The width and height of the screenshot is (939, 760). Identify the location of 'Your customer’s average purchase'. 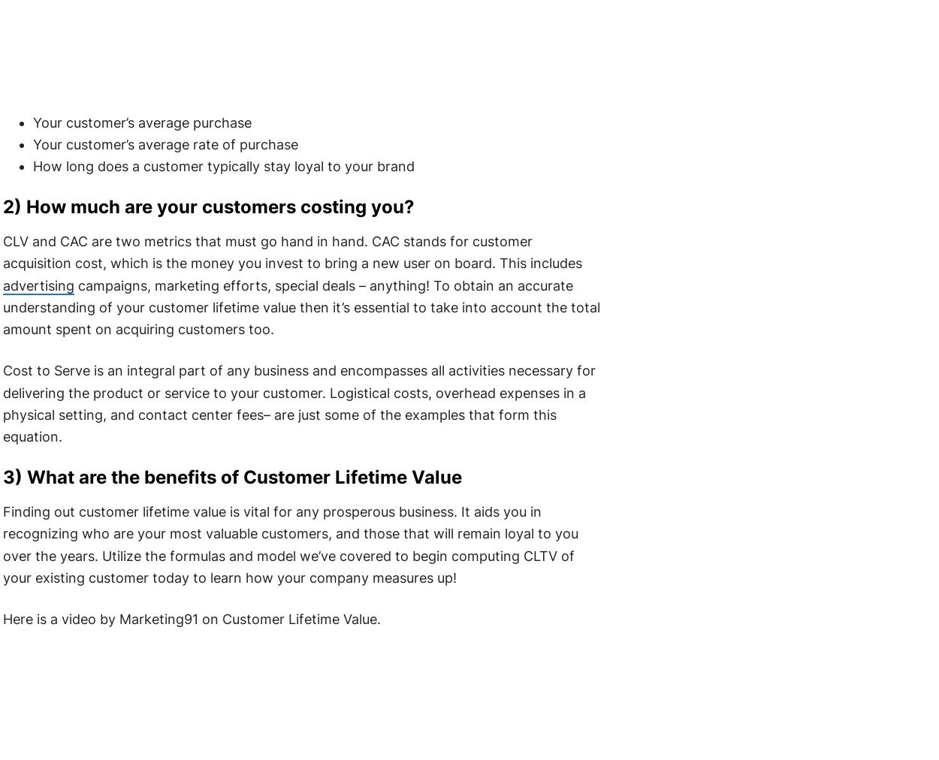
(141, 122).